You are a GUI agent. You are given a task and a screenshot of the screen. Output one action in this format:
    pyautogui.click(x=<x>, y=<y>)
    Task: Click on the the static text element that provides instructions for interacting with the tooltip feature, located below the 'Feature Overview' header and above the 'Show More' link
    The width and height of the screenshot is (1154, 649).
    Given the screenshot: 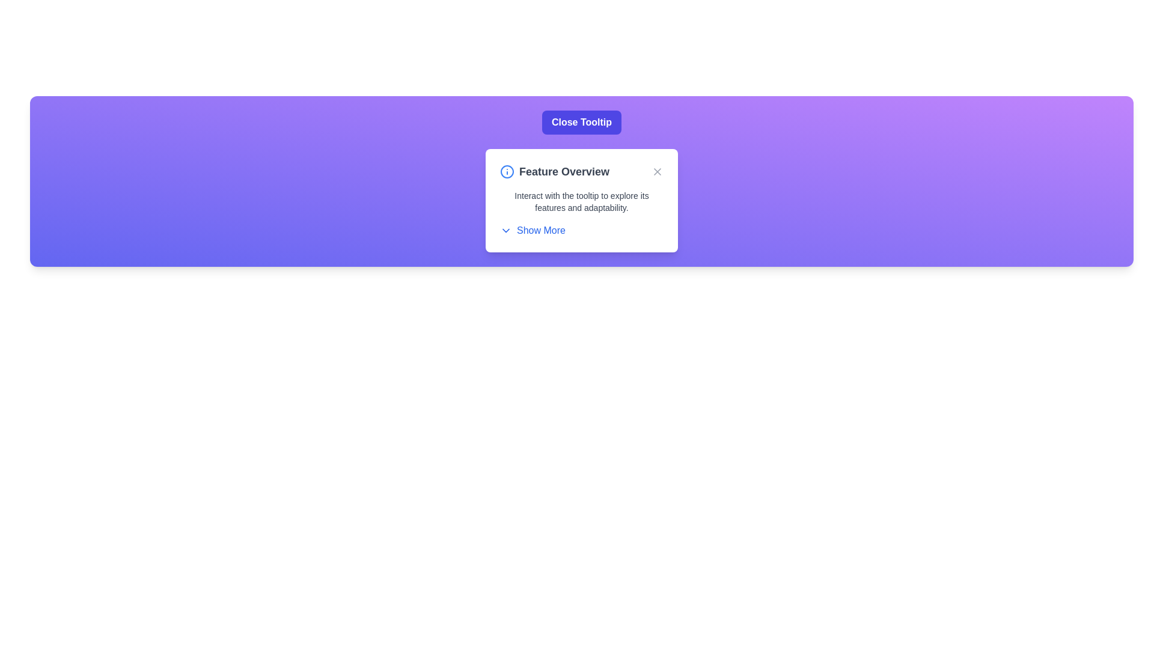 What is the action you would take?
    pyautogui.click(x=582, y=201)
    